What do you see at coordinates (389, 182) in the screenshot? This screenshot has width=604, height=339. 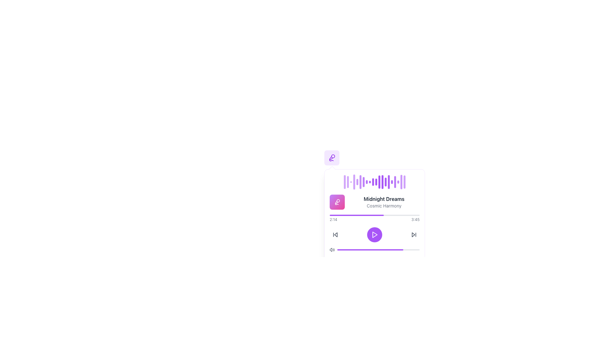 I see `the fifteenth purple bar in the waveform-like pattern, which is visually elongated with rounded ends, located above the audio track information` at bounding box center [389, 182].